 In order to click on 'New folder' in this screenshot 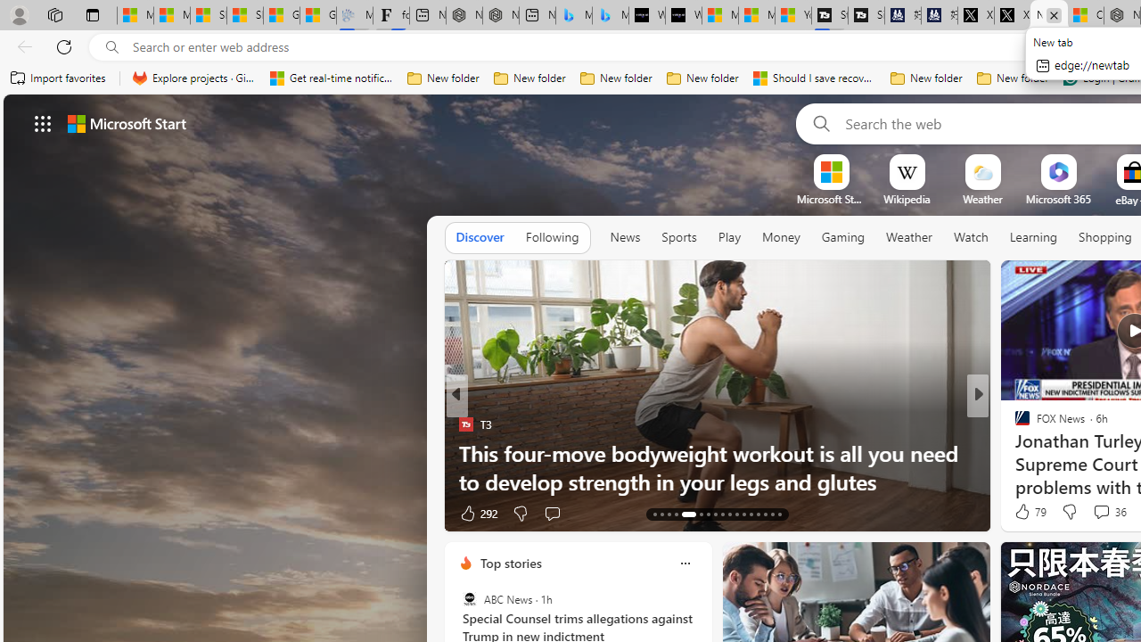, I will do `click(1013, 78)`.